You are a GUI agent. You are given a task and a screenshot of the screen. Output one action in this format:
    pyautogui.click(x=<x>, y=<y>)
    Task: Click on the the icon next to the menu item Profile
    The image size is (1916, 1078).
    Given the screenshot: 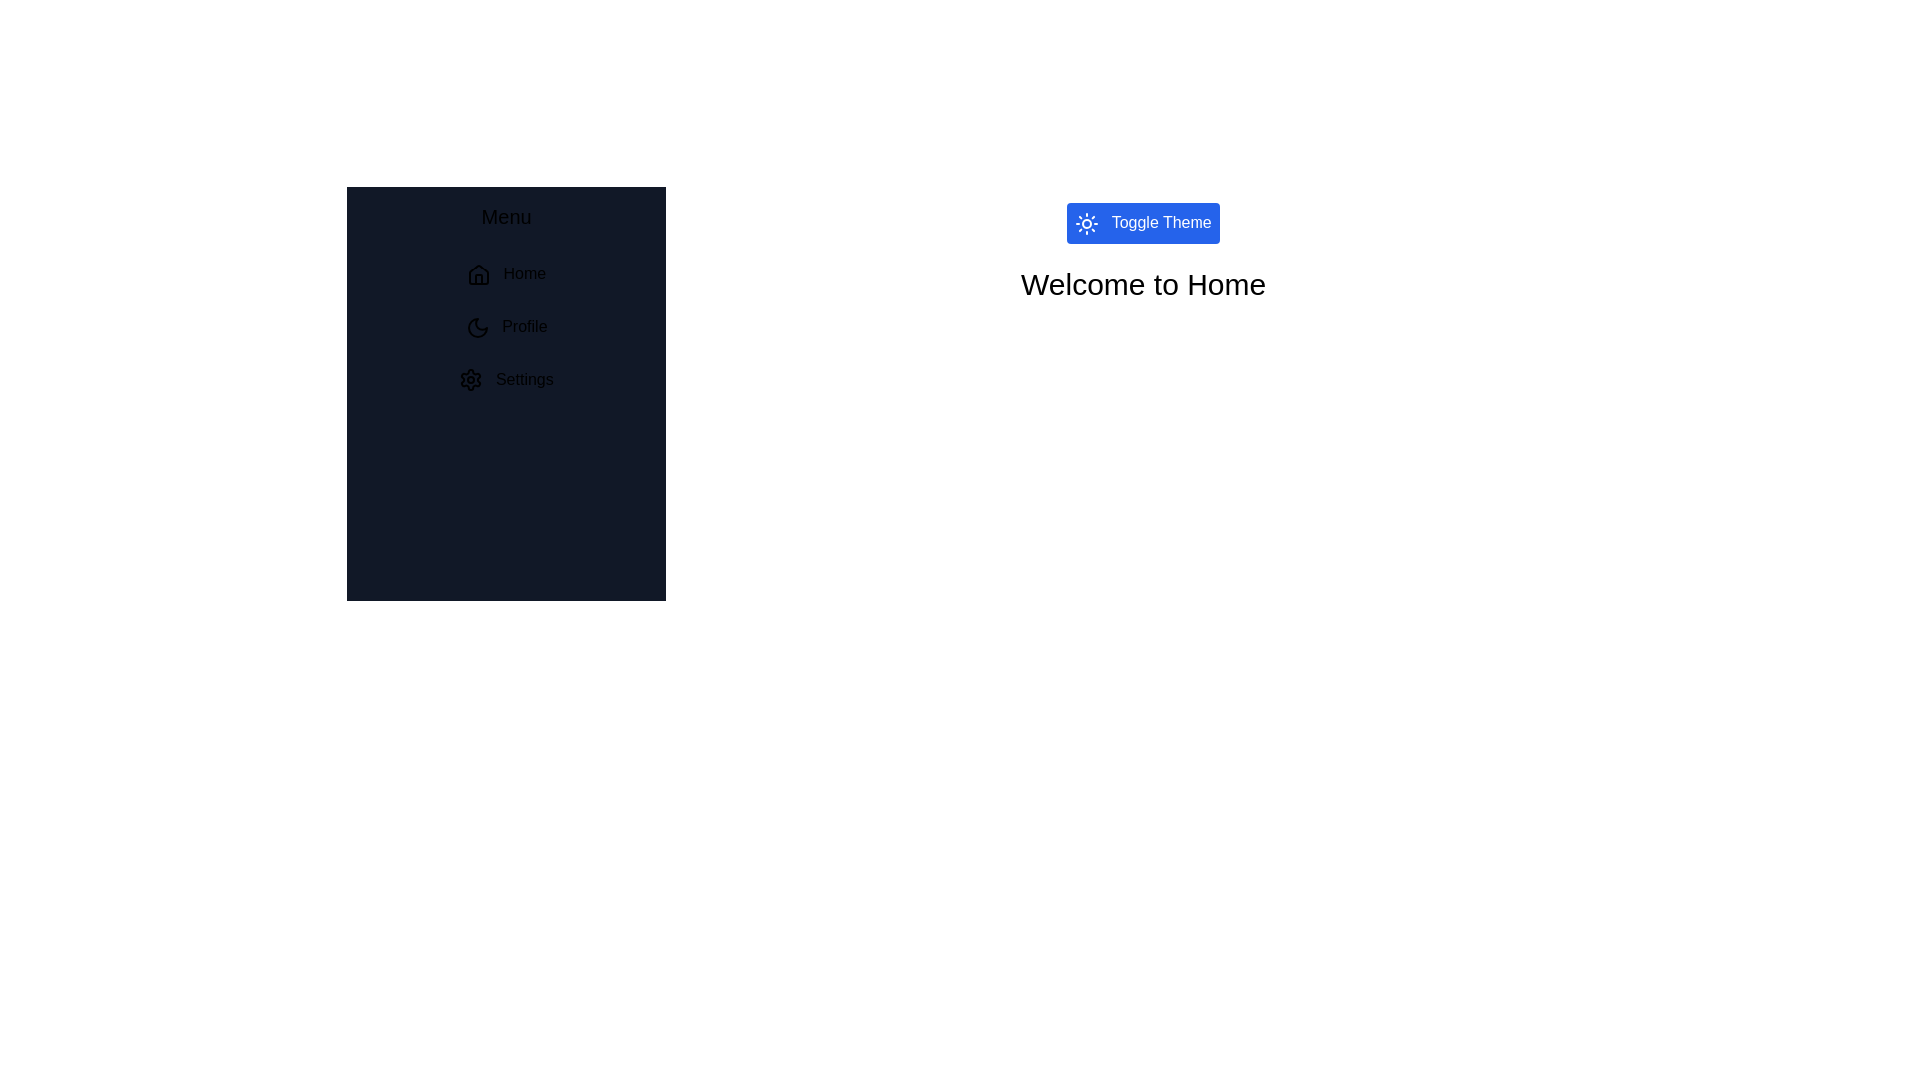 What is the action you would take?
    pyautogui.click(x=476, y=326)
    